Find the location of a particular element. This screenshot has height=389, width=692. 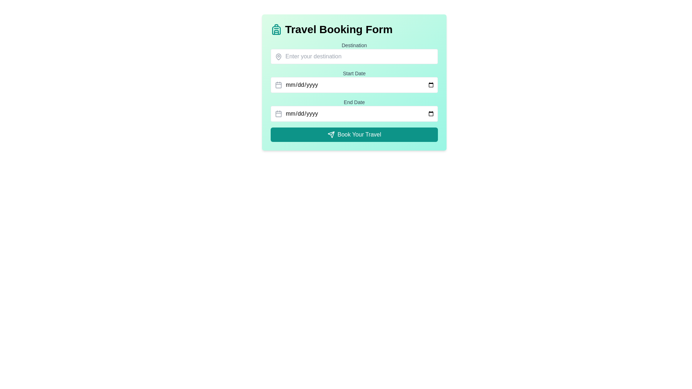

the arrow-like icon part of the 'Book Your Travel' button located at the bottom of the form is located at coordinates (331, 135).